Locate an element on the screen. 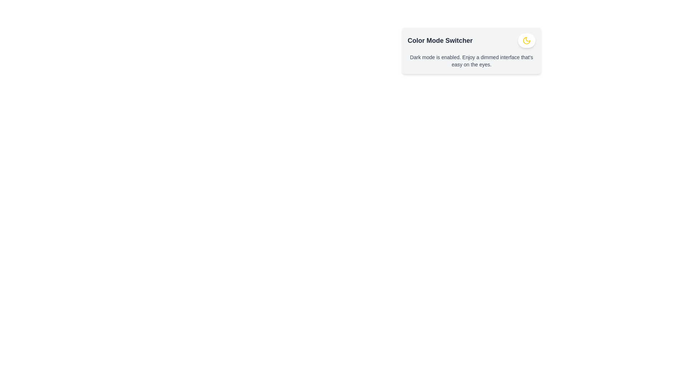 The width and height of the screenshot is (697, 392). the crescent moon icon within the circular button of the 'Color Mode Switcher' is located at coordinates (526, 40).